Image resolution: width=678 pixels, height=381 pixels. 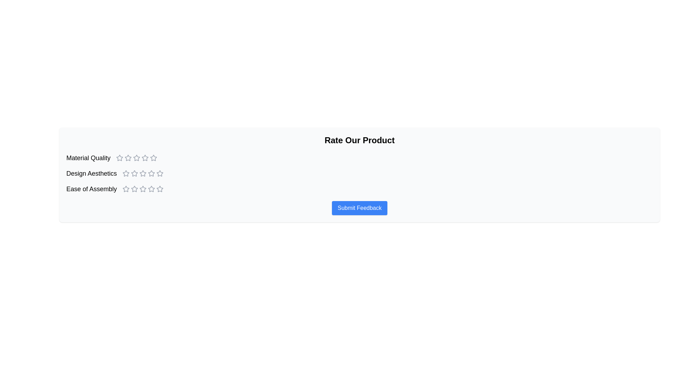 What do you see at coordinates (126, 173) in the screenshot?
I see `the second star icon in the 5-star rating system` at bounding box center [126, 173].